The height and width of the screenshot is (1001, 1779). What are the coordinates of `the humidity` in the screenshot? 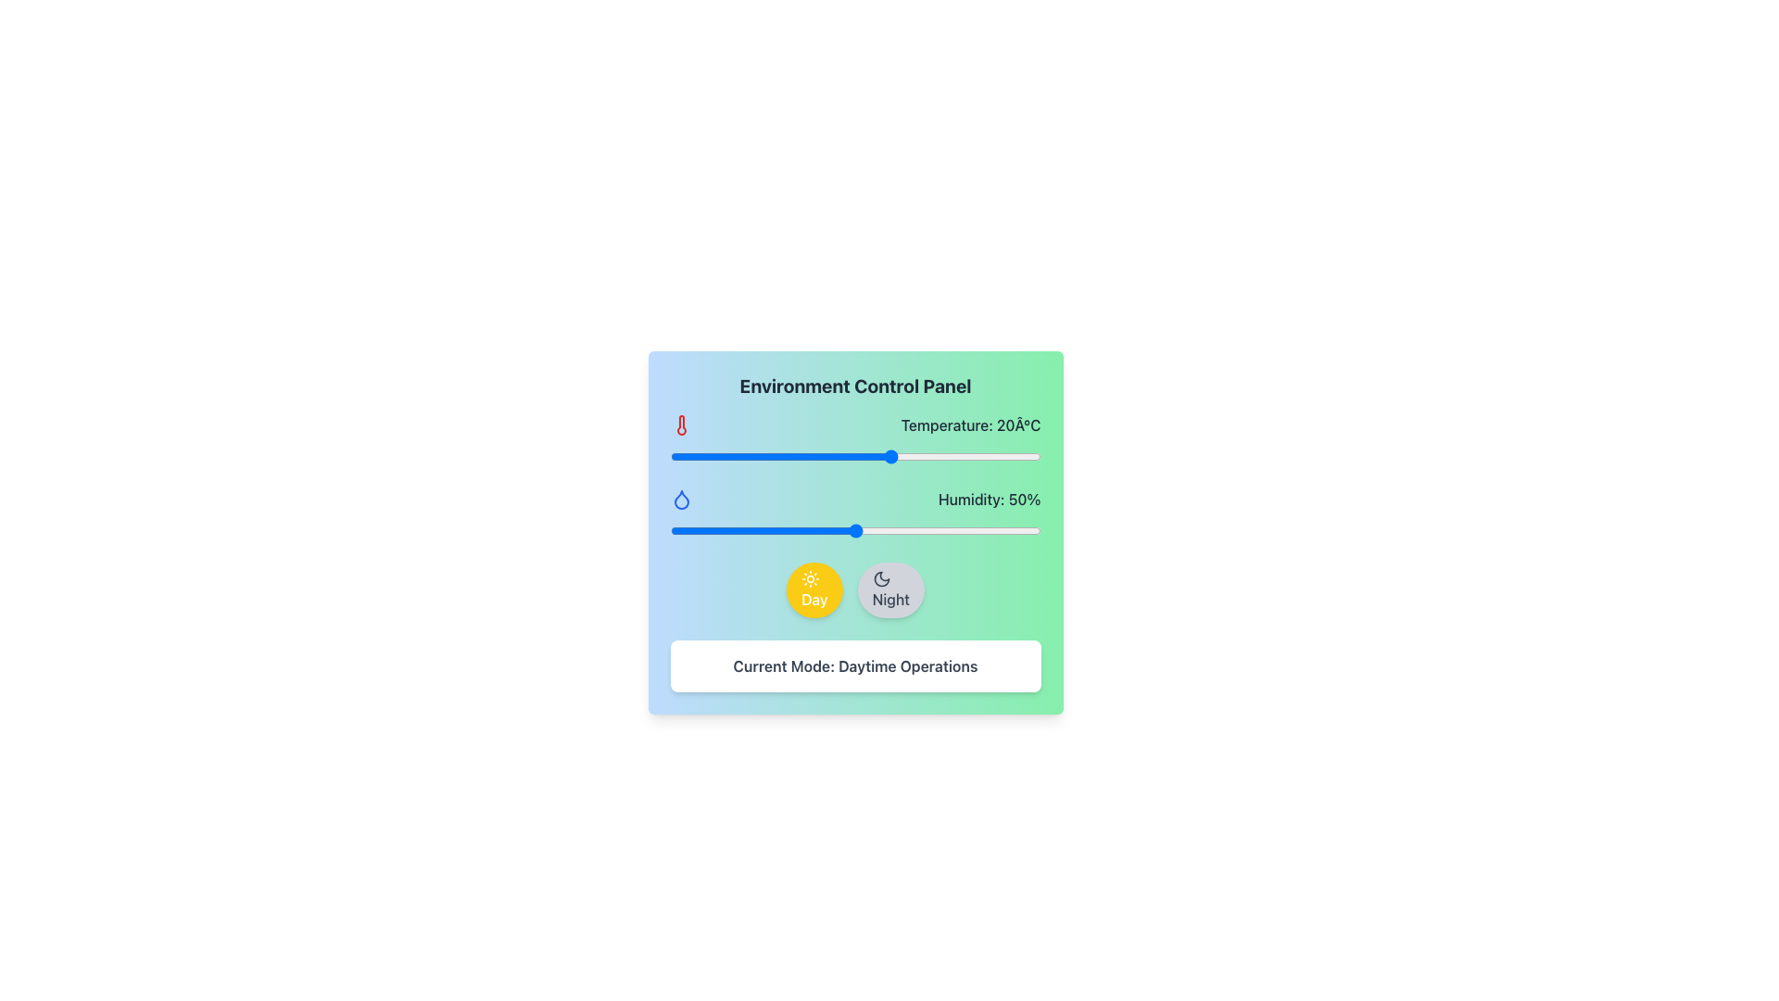 It's located at (843, 531).